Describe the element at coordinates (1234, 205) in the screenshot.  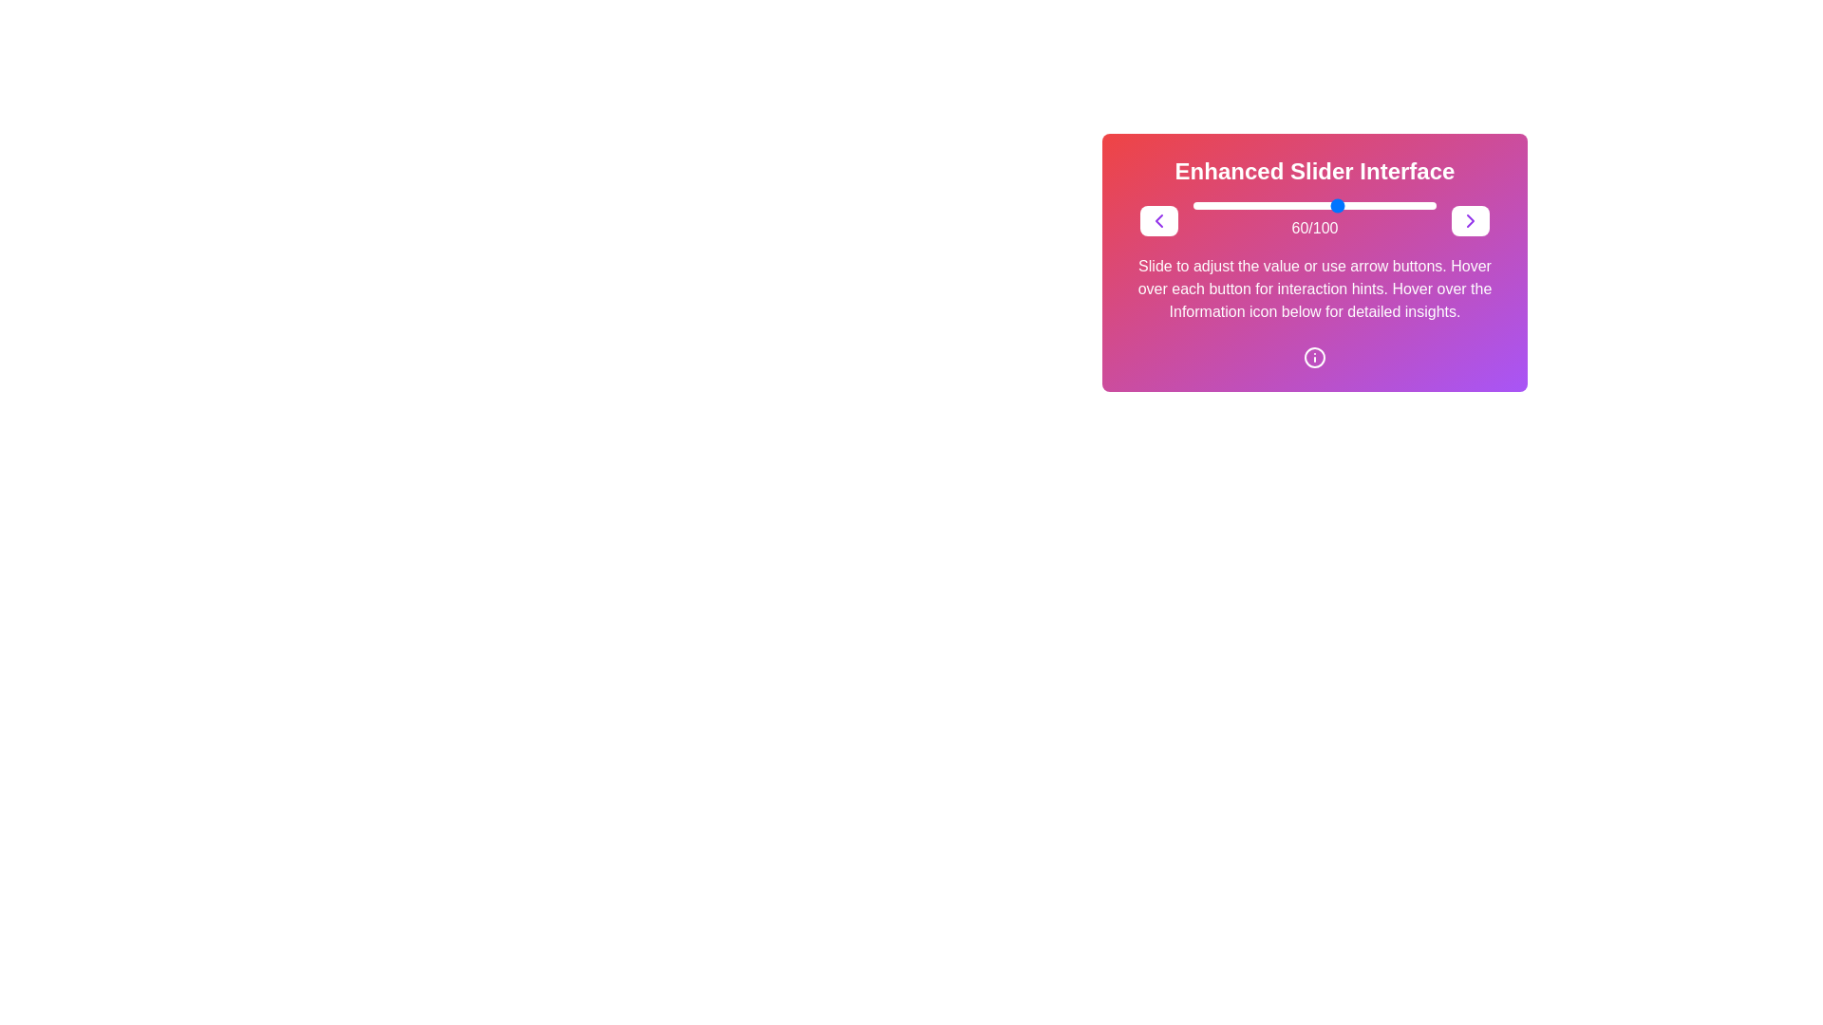
I see `the slider value` at that location.